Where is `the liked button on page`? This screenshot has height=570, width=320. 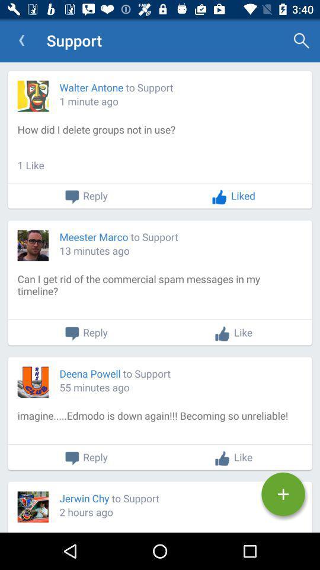
the liked button on page is located at coordinates (234, 197).